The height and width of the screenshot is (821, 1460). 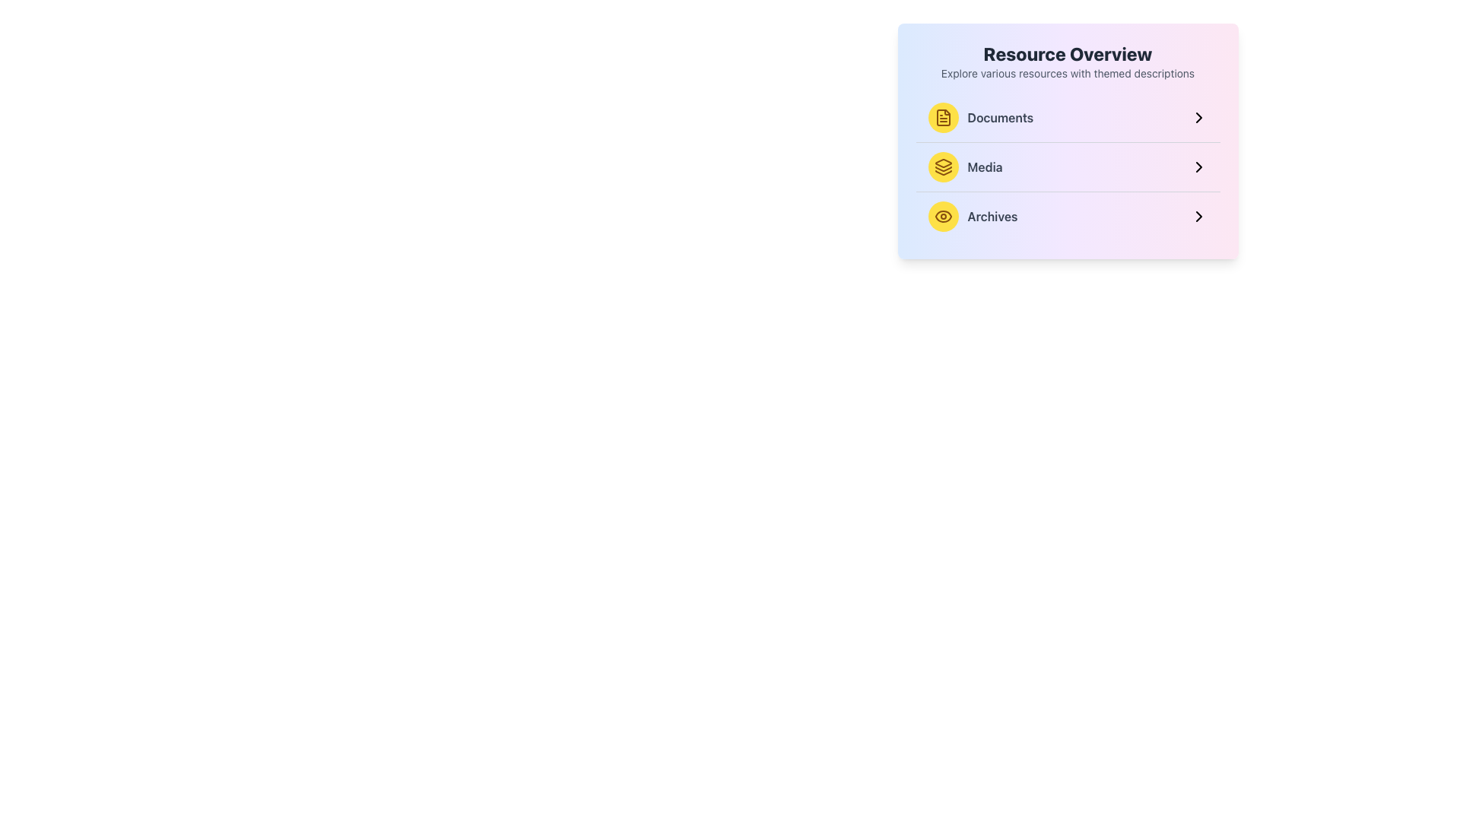 What do you see at coordinates (942, 166) in the screenshot?
I see `details of the circular badge icon with a yellow background and a stacked layers graphic, located to the left of the 'Media' label in the 'Resource Overview' card` at bounding box center [942, 166].